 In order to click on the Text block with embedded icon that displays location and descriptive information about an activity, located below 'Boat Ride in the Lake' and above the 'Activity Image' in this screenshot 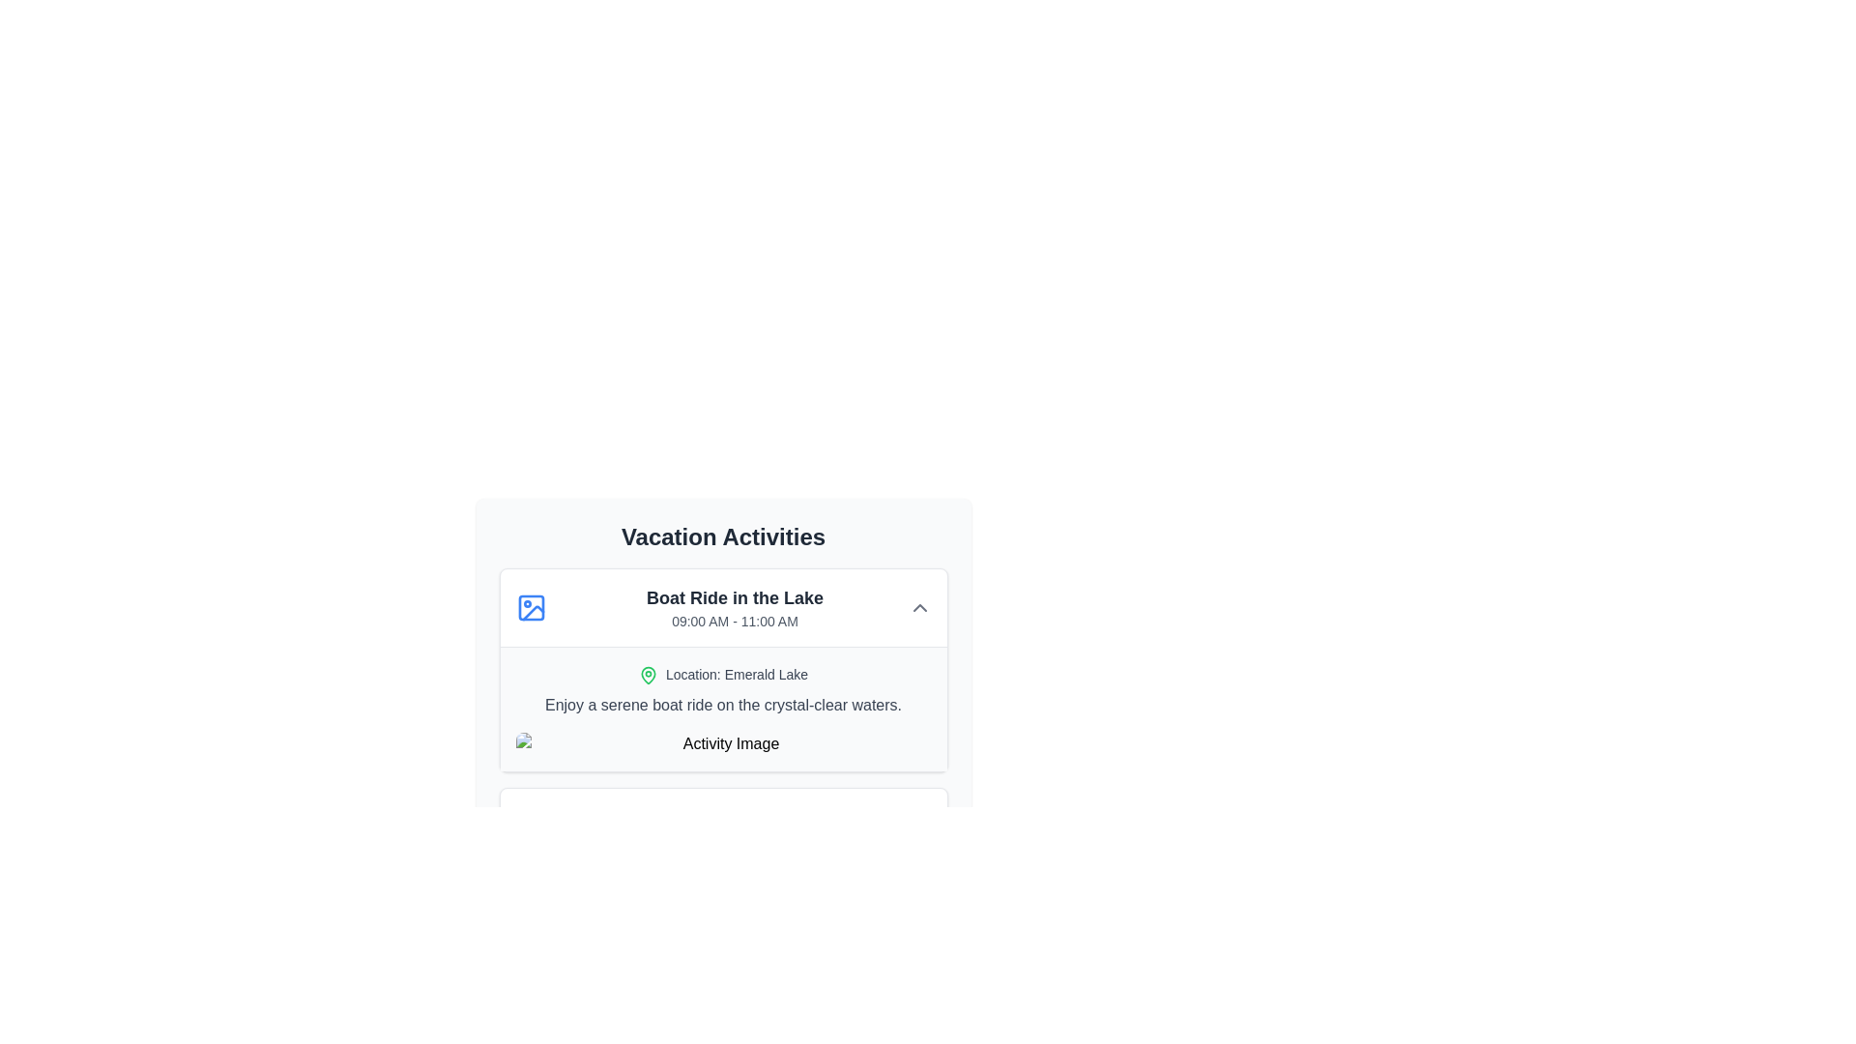, I will do `click(722, 709)`.